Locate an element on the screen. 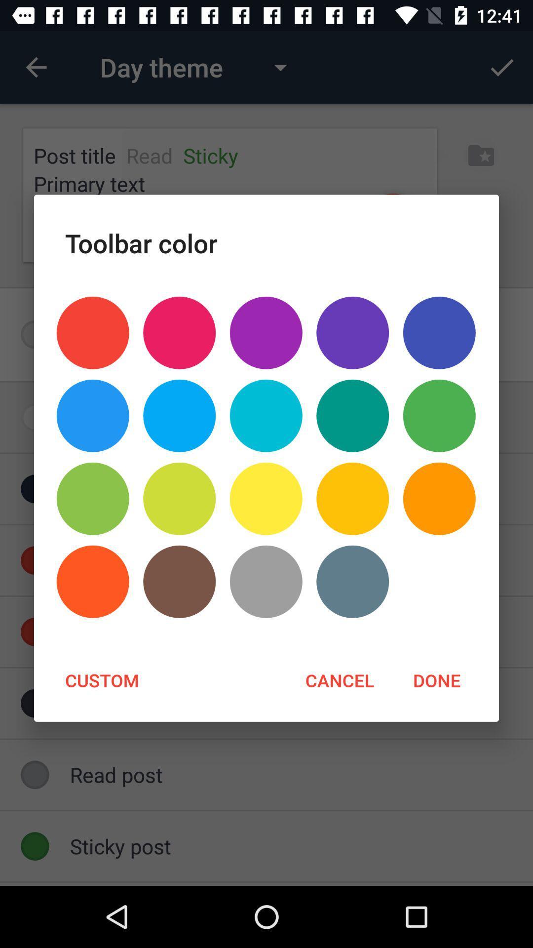 The height and width of the screenshot is (948, 533). done is located at coordinates (436, 679).